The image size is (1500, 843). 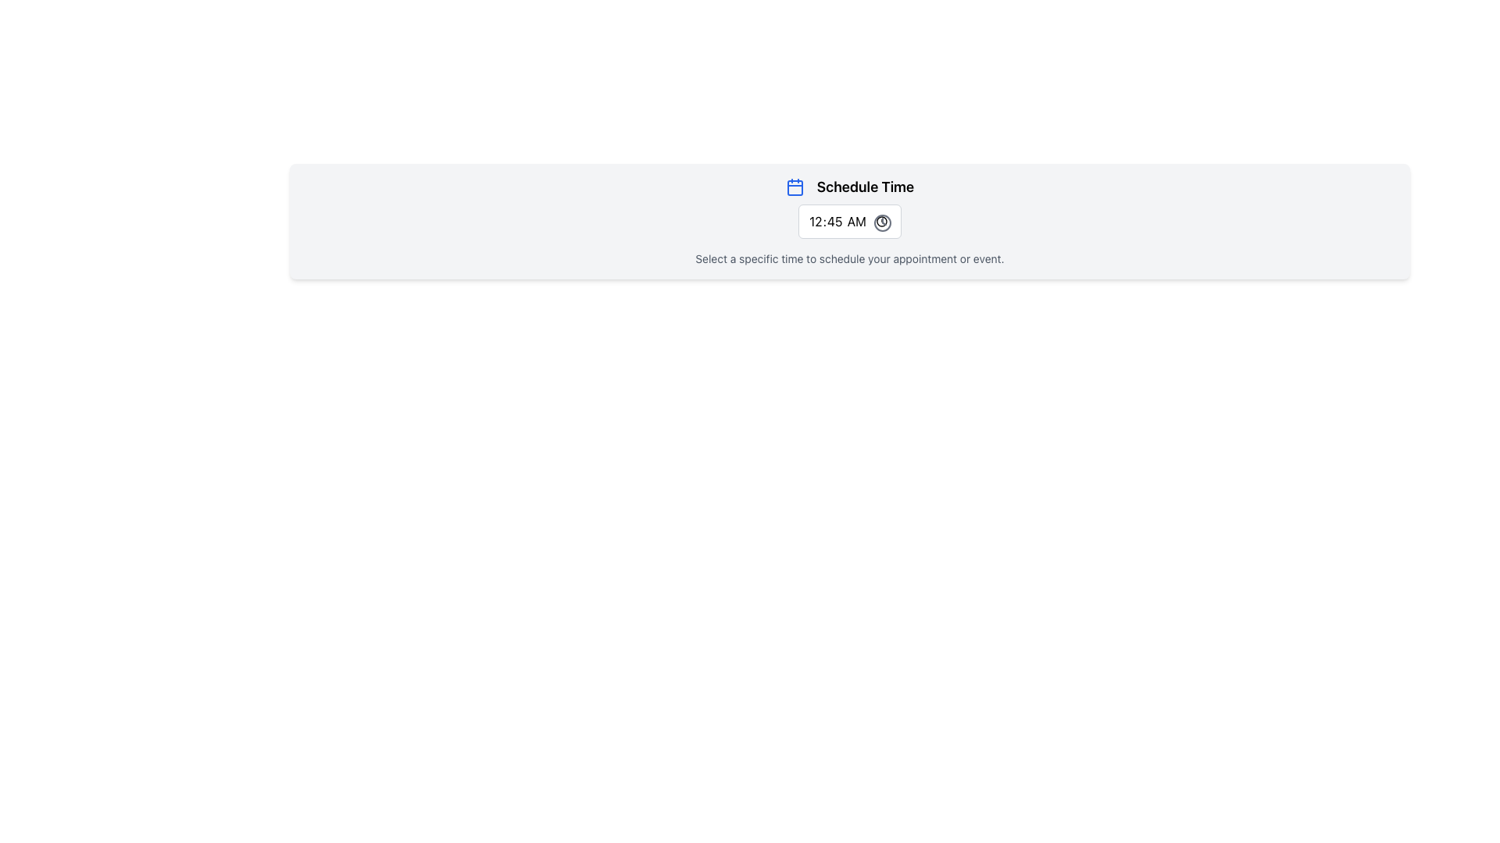 What do you see at coordinates (865, 186) in the screenshot?
I see `the Text Label indicating the purpose or title of the scheduling section, positioned near the blue calendar icon` at bounding box center [865, 186].